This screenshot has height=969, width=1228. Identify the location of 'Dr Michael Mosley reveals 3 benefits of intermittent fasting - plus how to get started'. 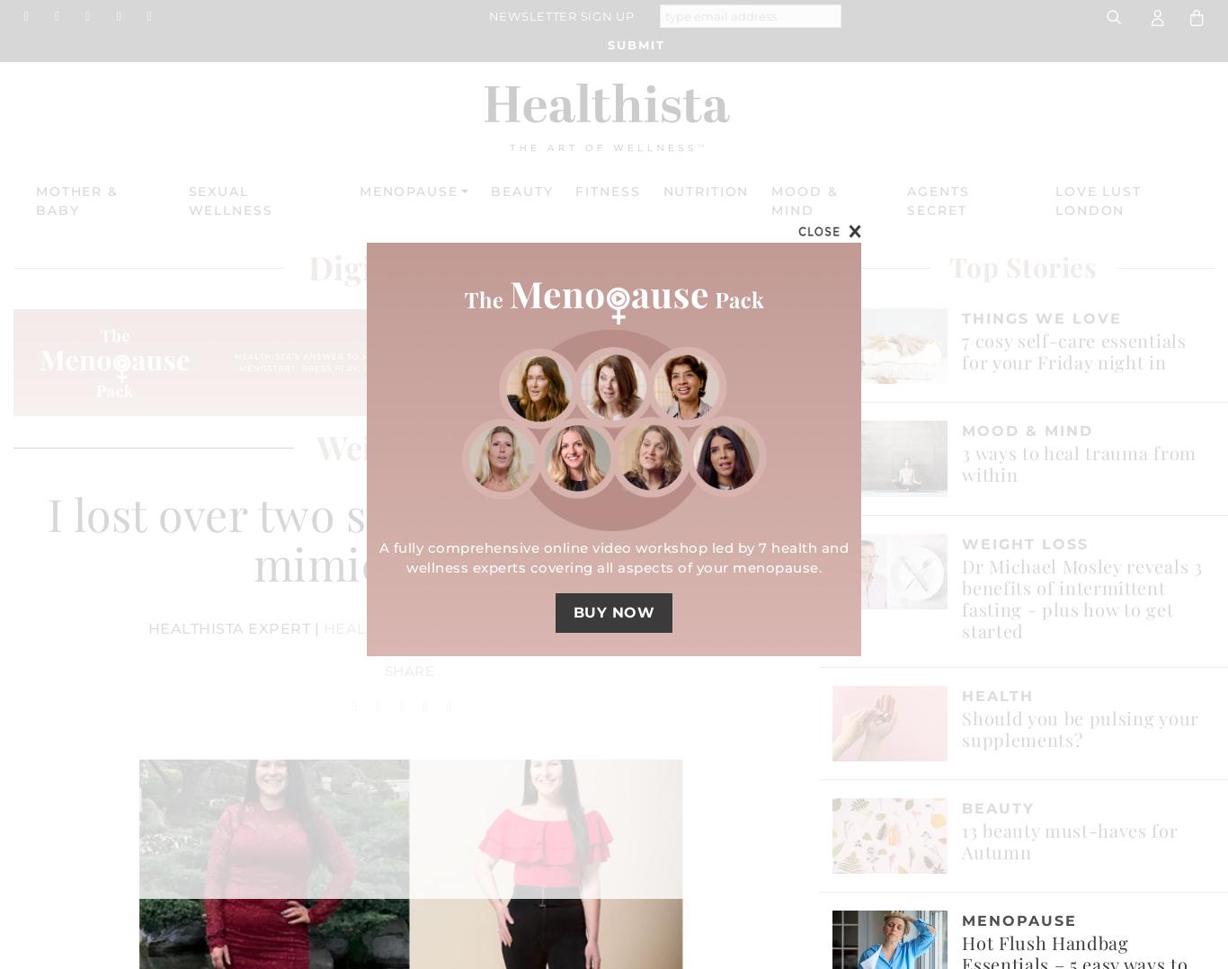
(1081, 597).